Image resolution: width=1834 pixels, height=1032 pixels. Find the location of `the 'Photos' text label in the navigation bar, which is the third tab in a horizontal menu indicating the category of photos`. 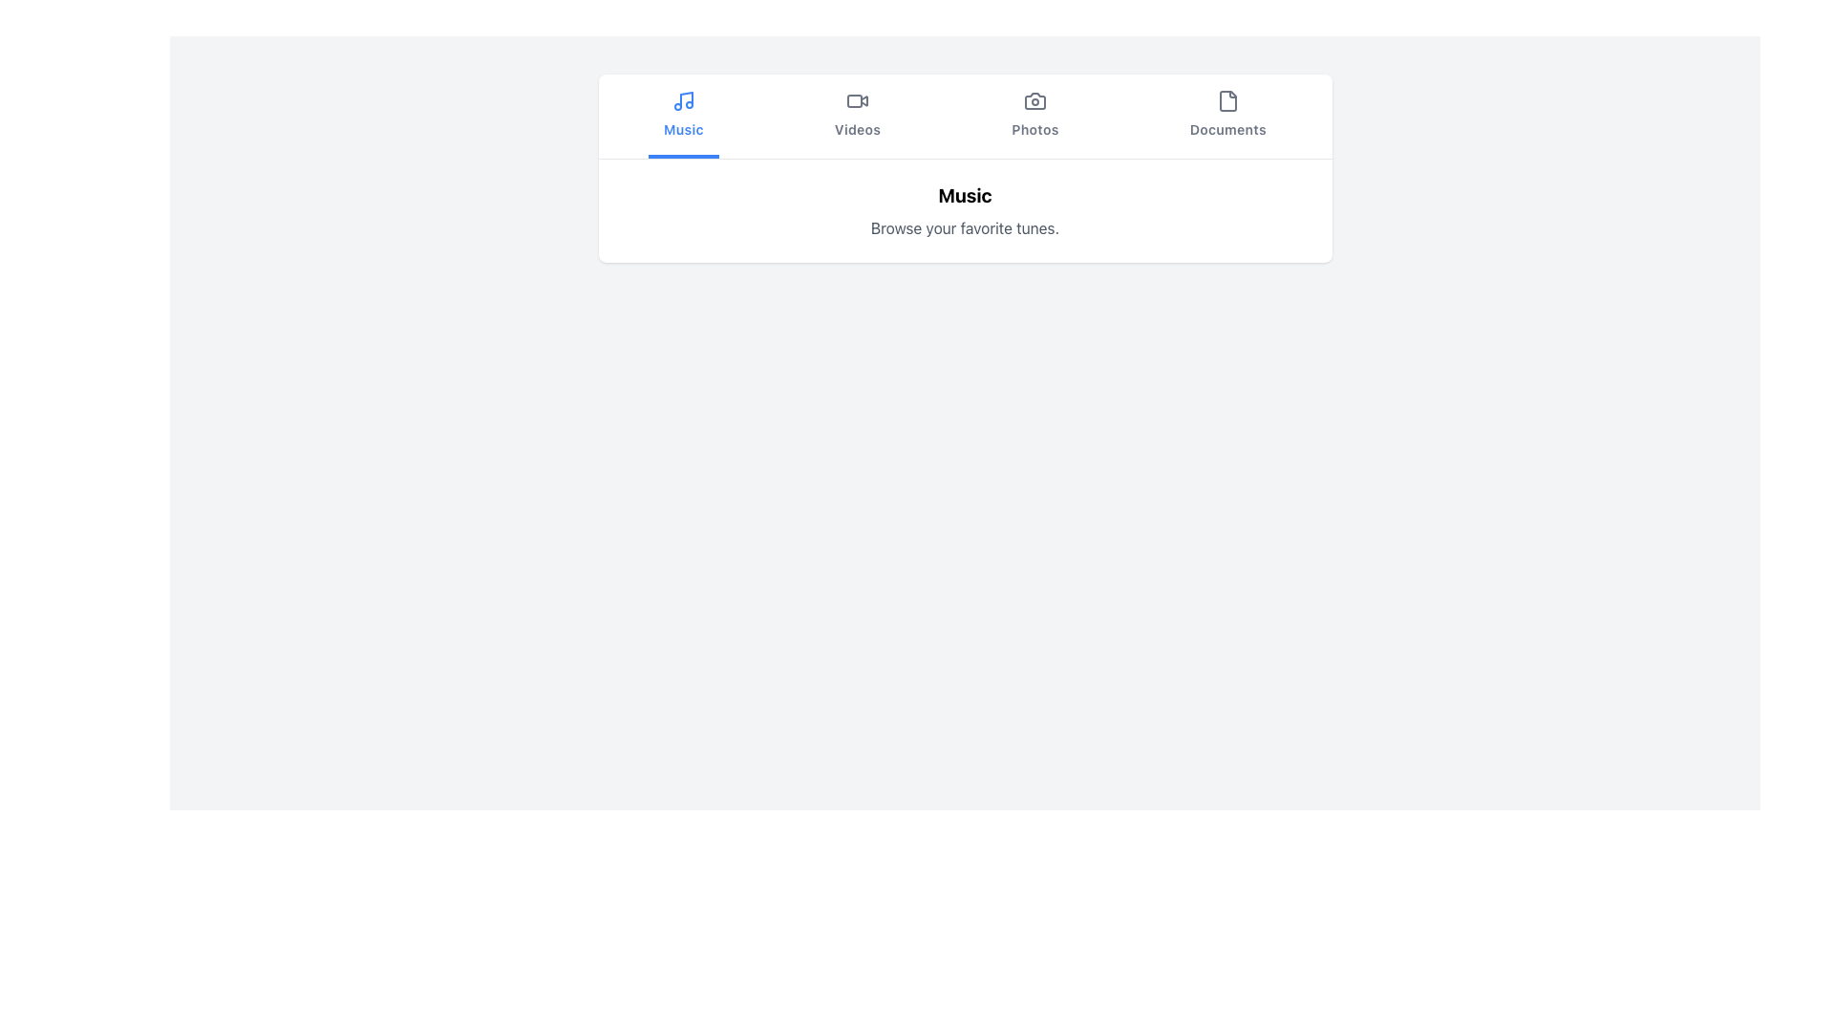

the 'Photos' text label in the navigation bar, which is the third tab in a horizontal menu indicating the category of photos is located at coordinates (1034, 129).